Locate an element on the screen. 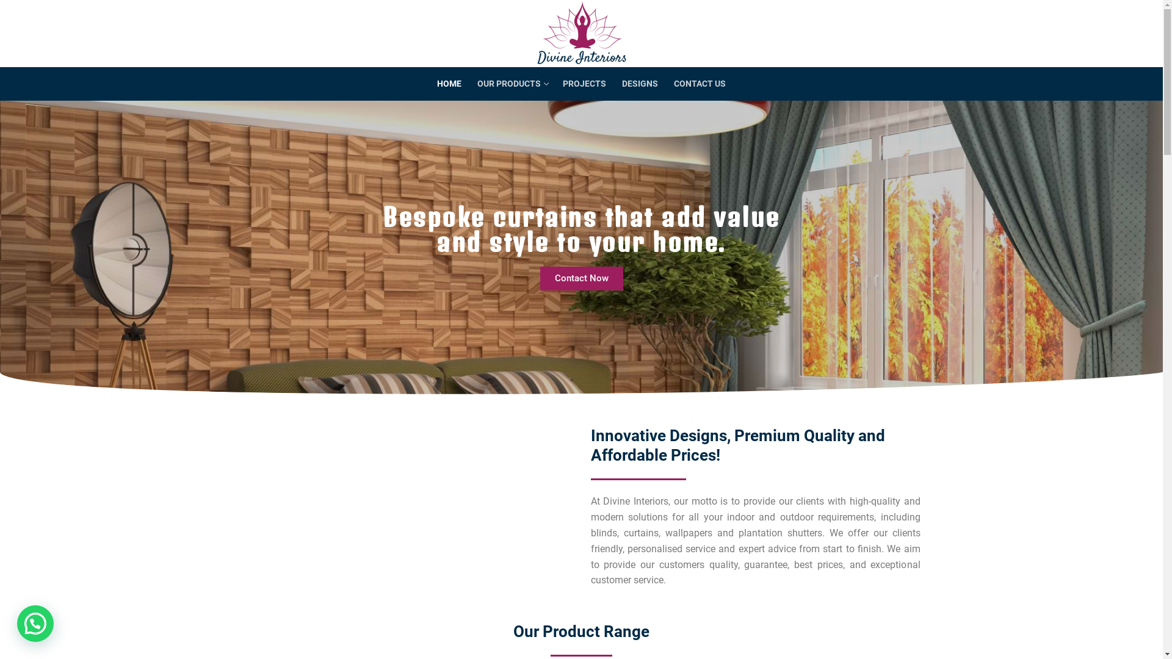  'PROJECTS' is located at coordinates (584, 84).